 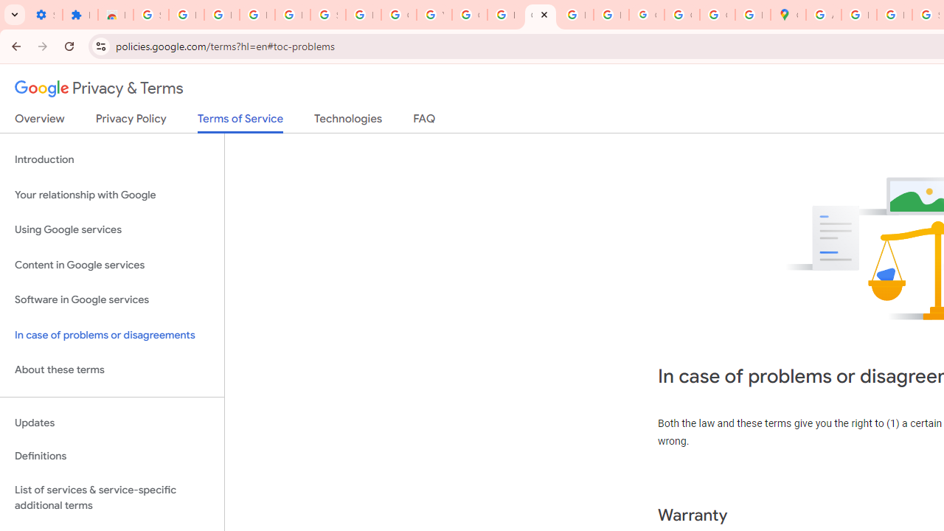 I want to click on 'Content in Google services', so click(x=111, y=264).